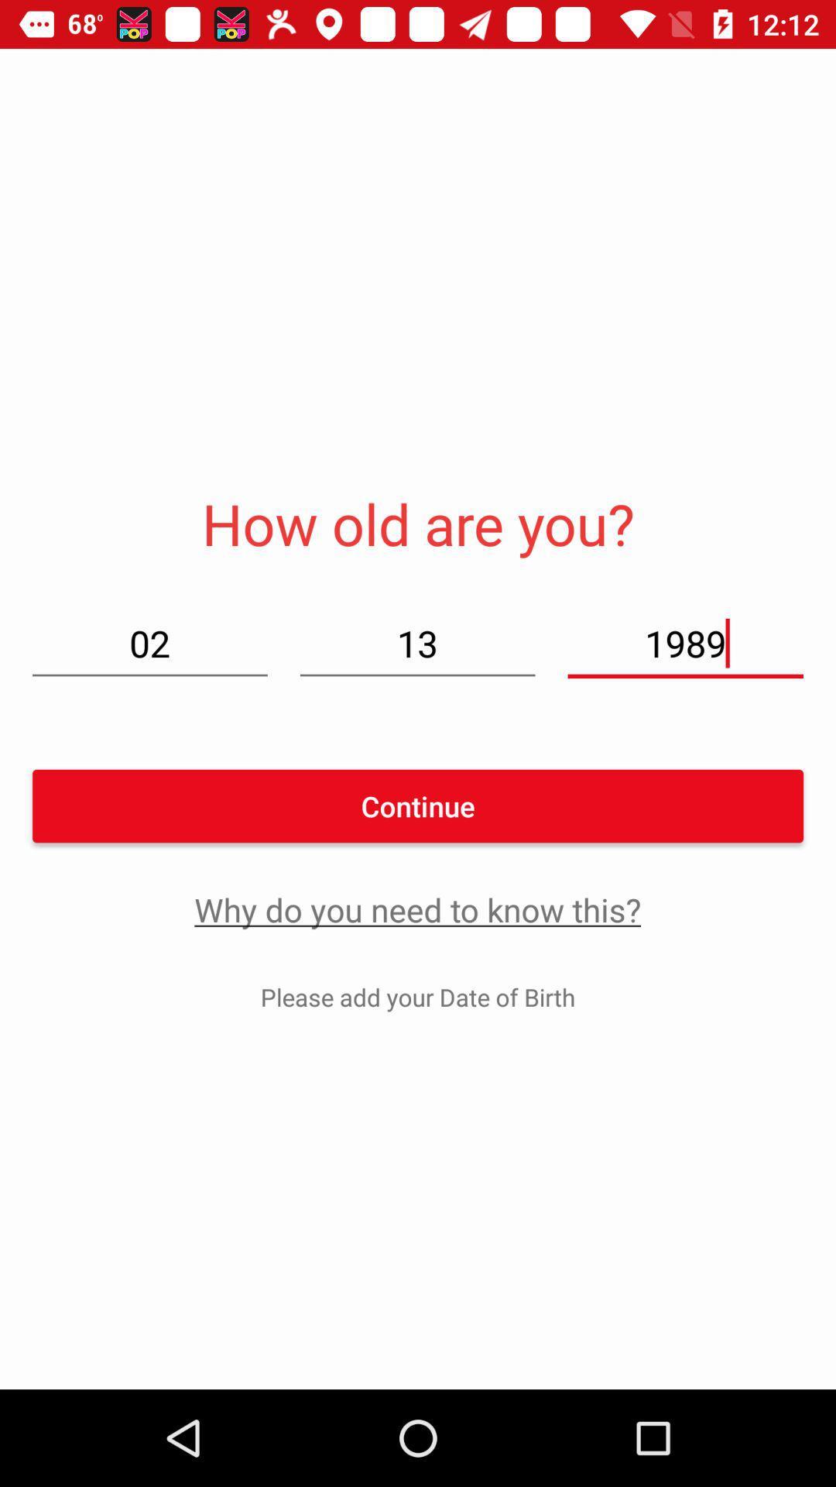  I want to click on item below the how old are, so click(416, 643).